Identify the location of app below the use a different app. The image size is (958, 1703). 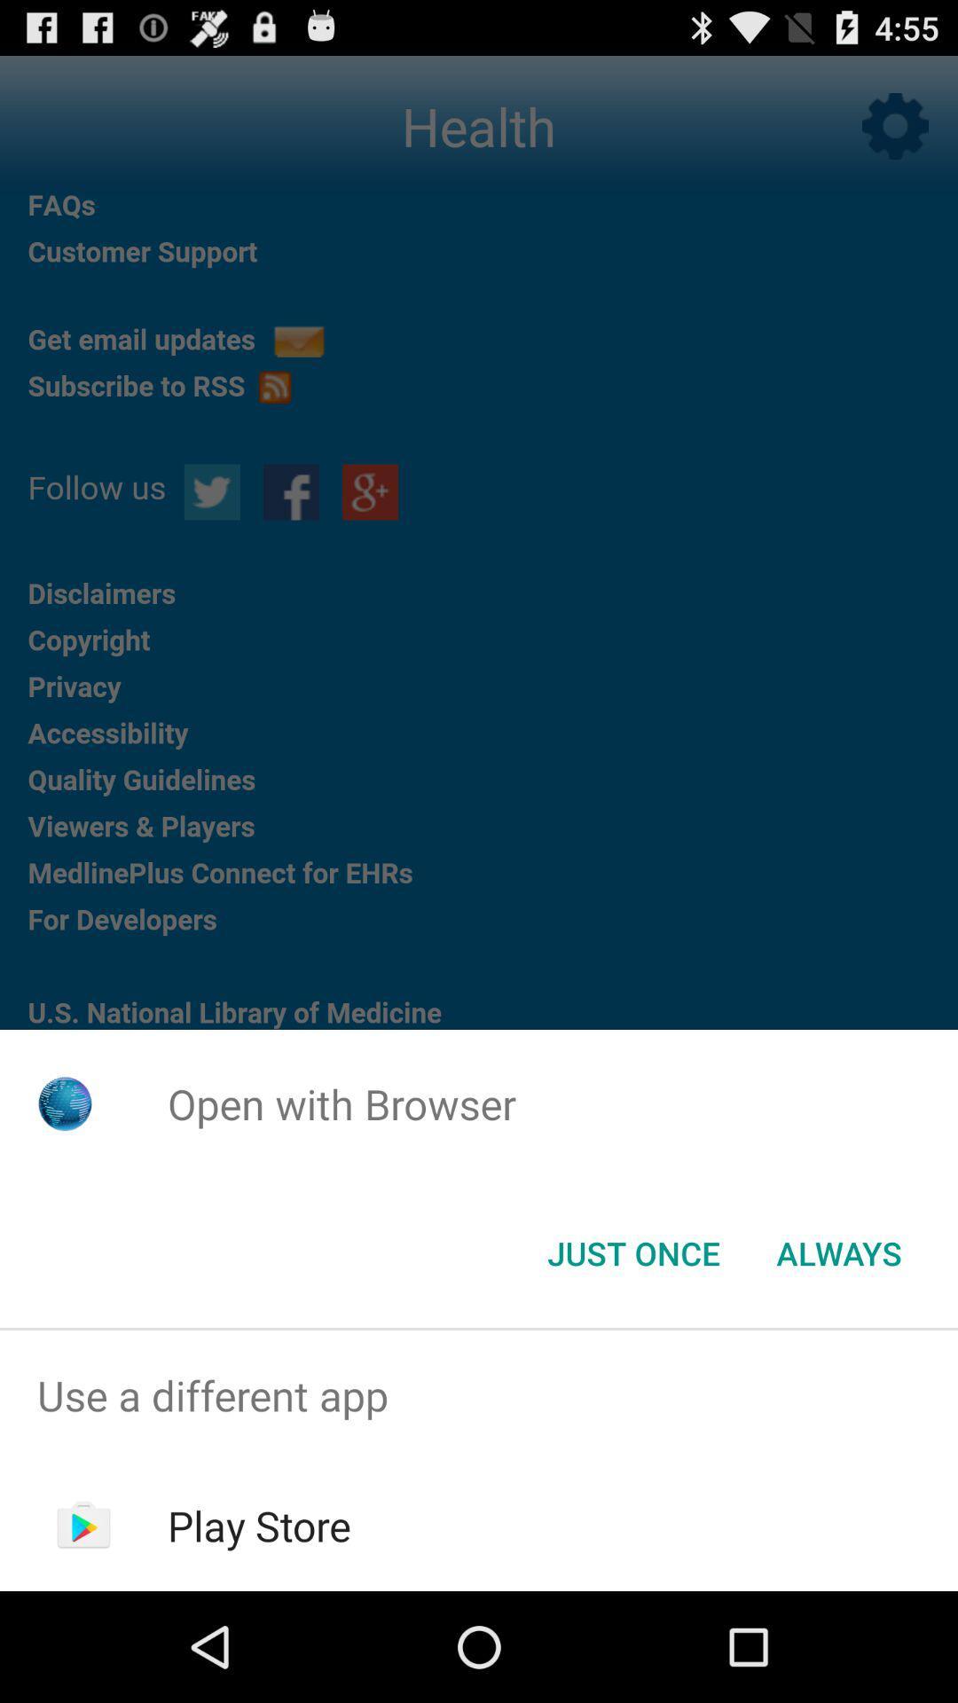
(259, 1525).